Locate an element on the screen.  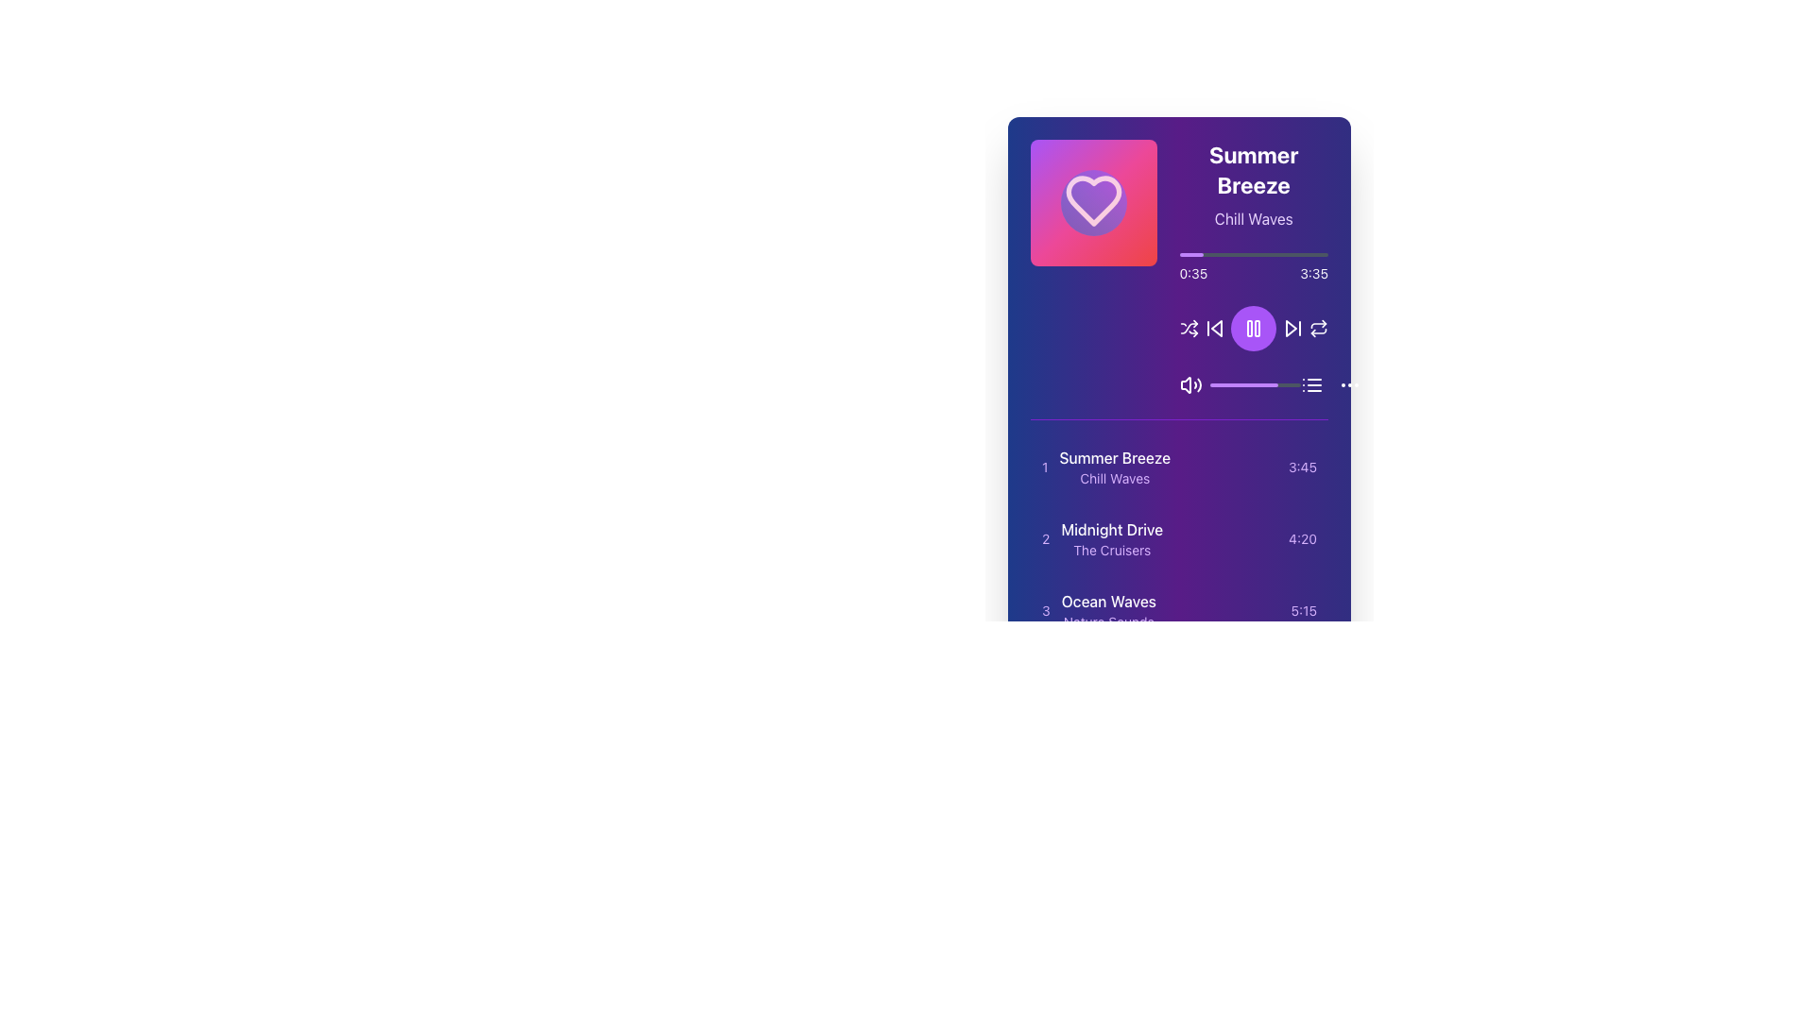
the heart-shaped like button located at the center of the album artwork area in the music player interface is located at coordinates (1093, 200).